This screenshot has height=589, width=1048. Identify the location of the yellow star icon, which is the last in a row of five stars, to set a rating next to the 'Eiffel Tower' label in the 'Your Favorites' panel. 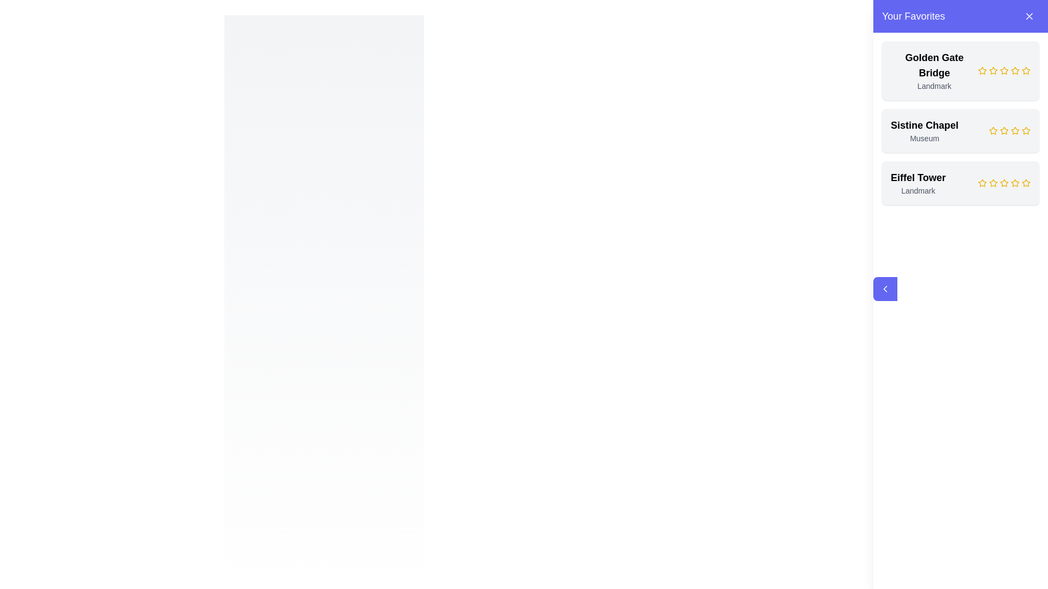
(1026, 182).